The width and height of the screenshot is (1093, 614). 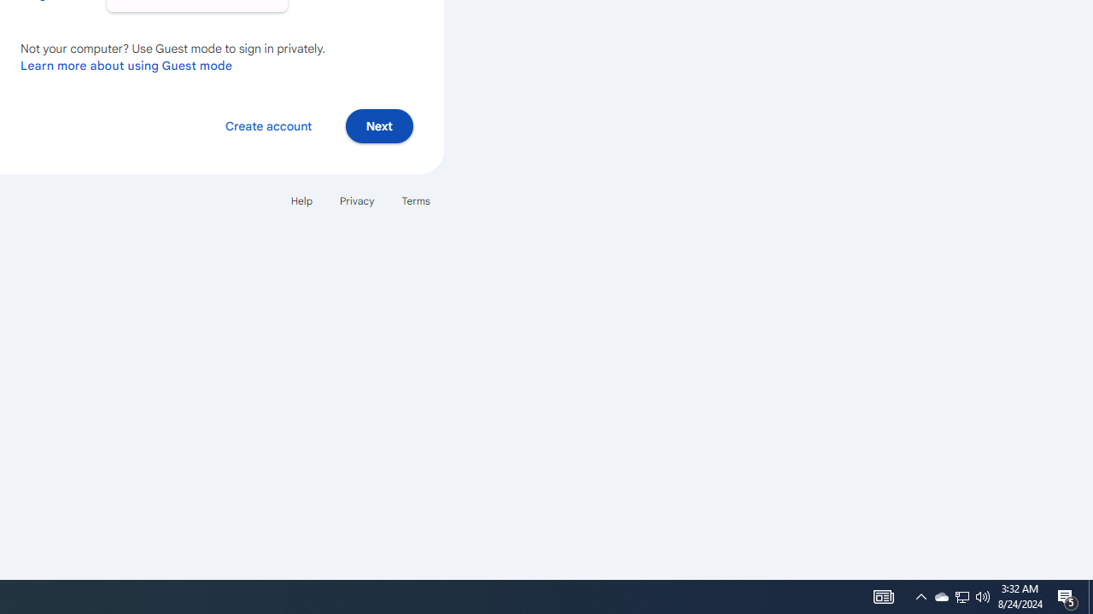 I want to click on 'Create account', so click(x=267, y=125).